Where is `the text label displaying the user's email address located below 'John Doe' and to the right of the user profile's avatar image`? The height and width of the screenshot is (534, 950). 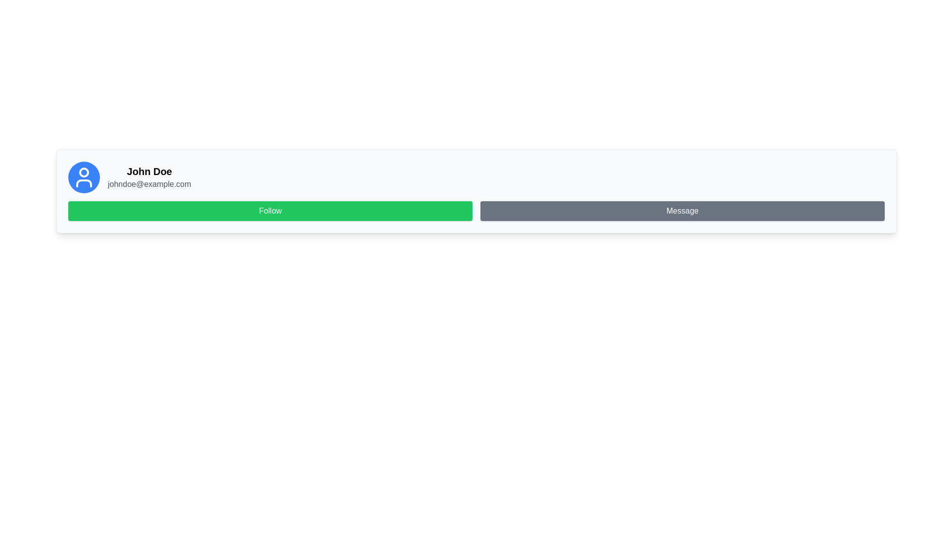 the text label displaying the user's email address located below 'John Doe' and to the right of the user profile's avatar image is located at coordinates (149, 184).